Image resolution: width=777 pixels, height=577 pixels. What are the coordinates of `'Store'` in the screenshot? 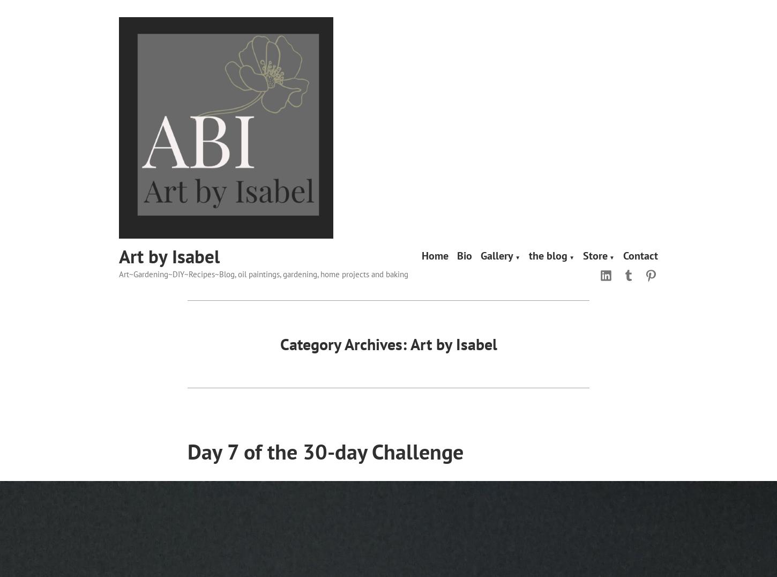 It's located at (594, 255).